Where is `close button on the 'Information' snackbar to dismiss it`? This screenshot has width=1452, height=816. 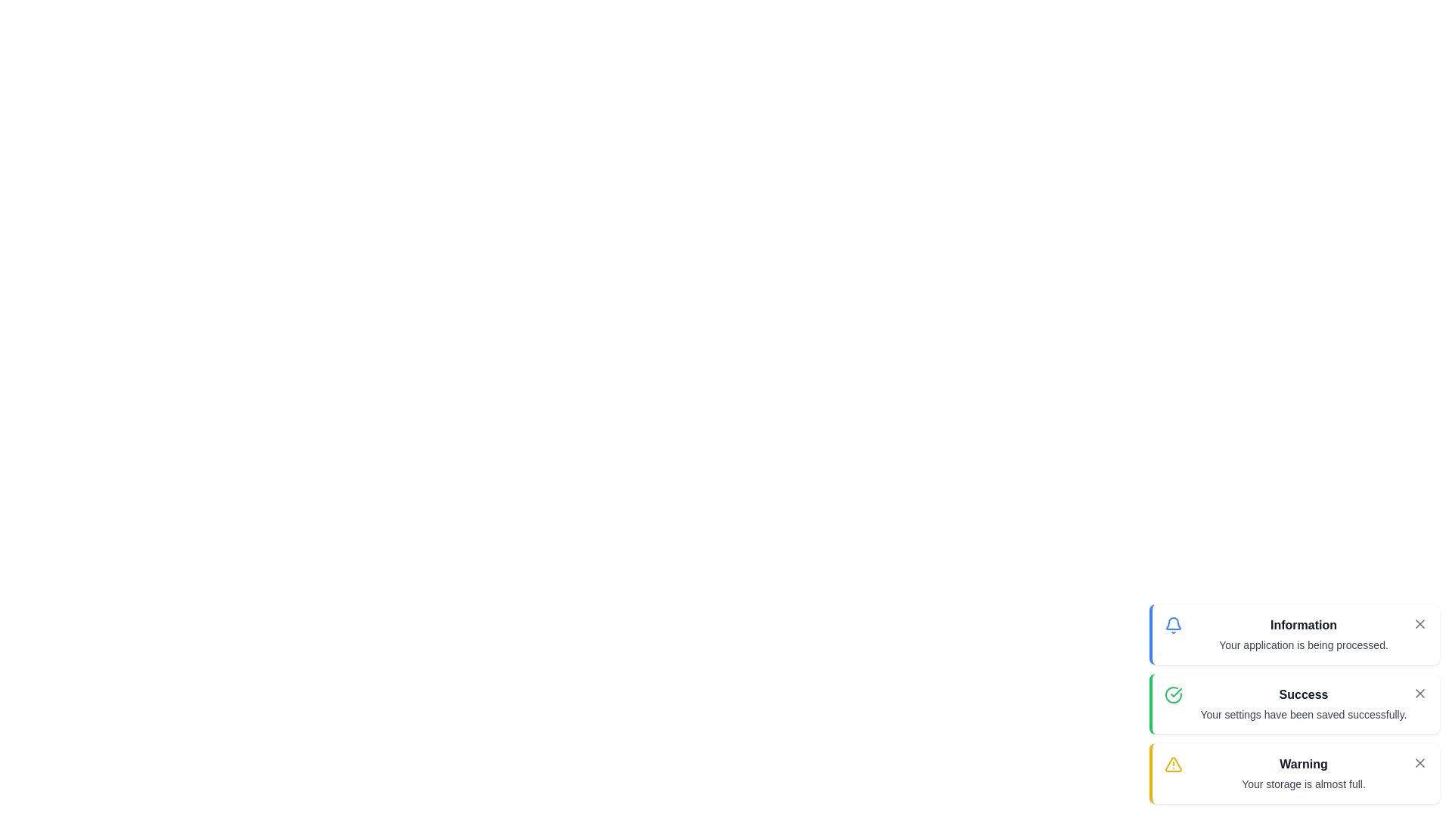
close button on the 'Information' snackbar to dismiss it is located at coordinates (1419, 623).